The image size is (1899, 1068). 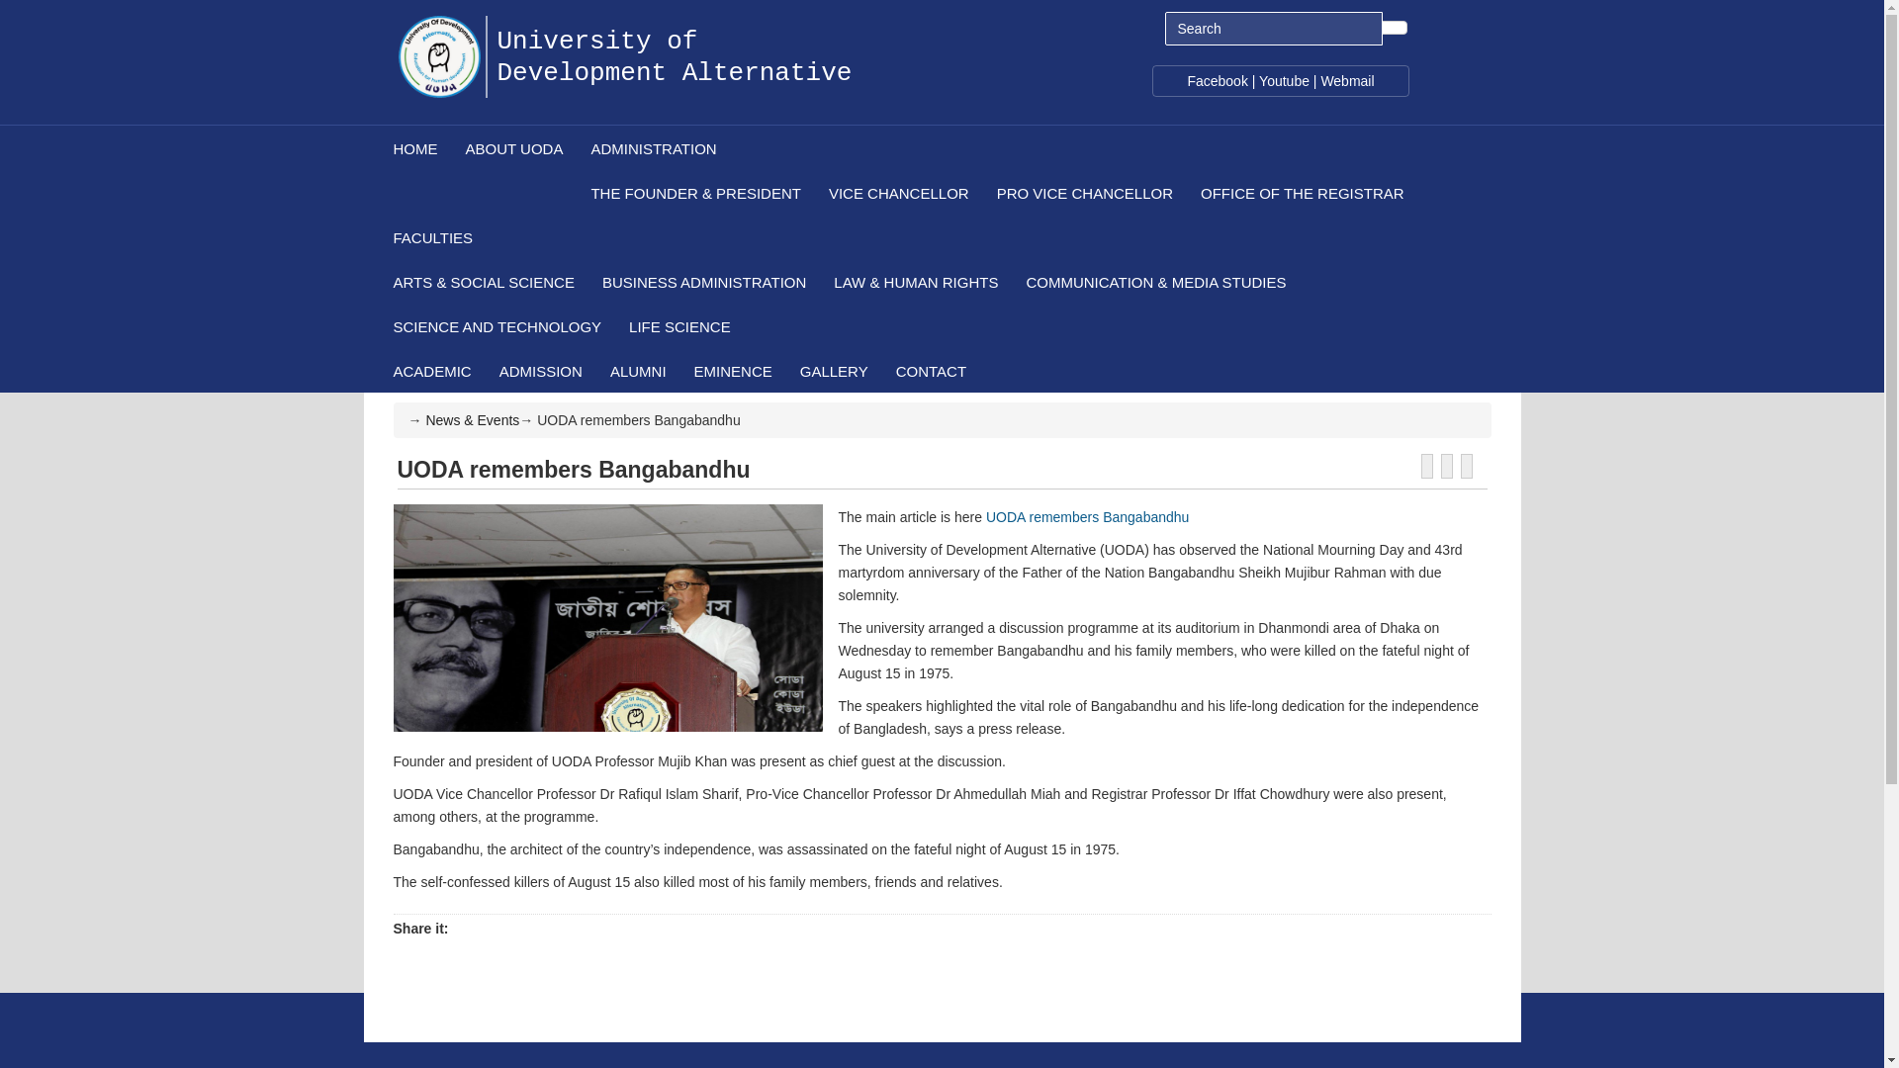 I want to click on 'ACADEMIC', so click(x=378, y=370).